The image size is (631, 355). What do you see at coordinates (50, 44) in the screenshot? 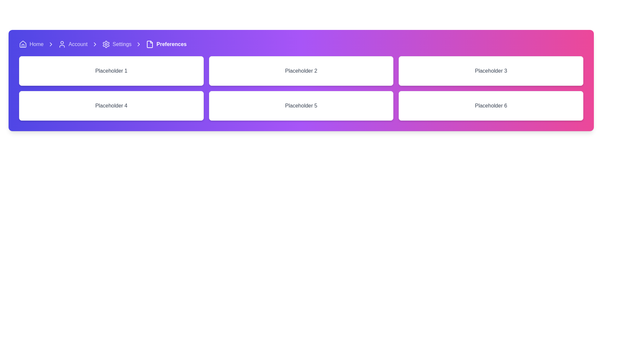
I see `the chevron arrow icon that serves as a separator between the 'Home' and 'Account' links in the breadcrumb navigation` at bounding box center [50, 44].